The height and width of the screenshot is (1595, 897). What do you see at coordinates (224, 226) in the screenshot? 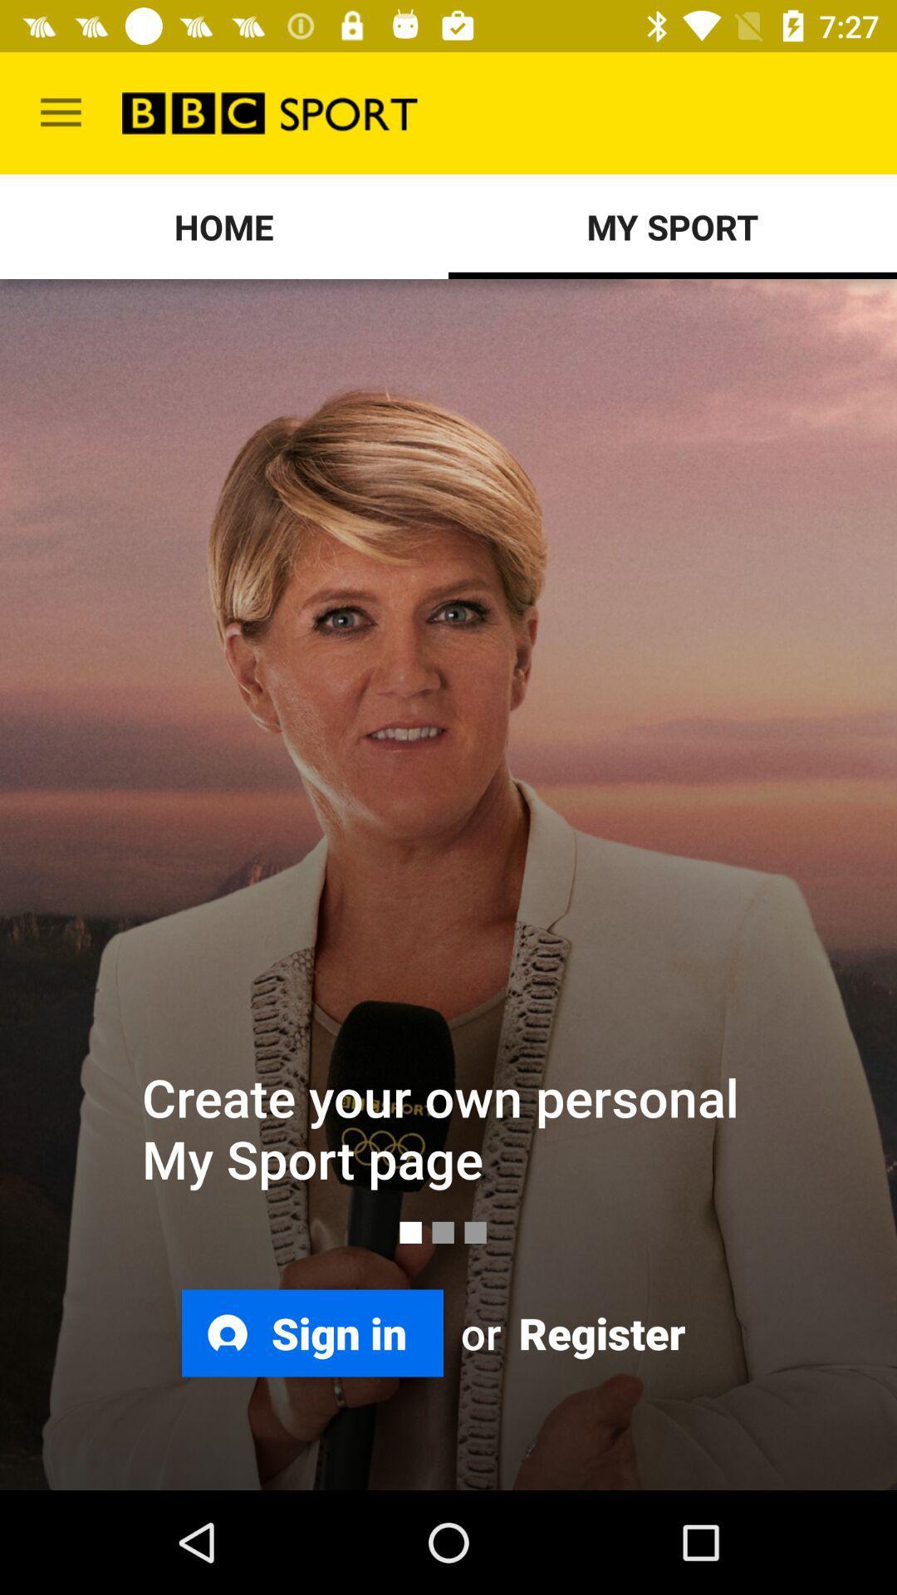
I see `the icon to the left of the my sport icon` at bounding box center [224, 226].